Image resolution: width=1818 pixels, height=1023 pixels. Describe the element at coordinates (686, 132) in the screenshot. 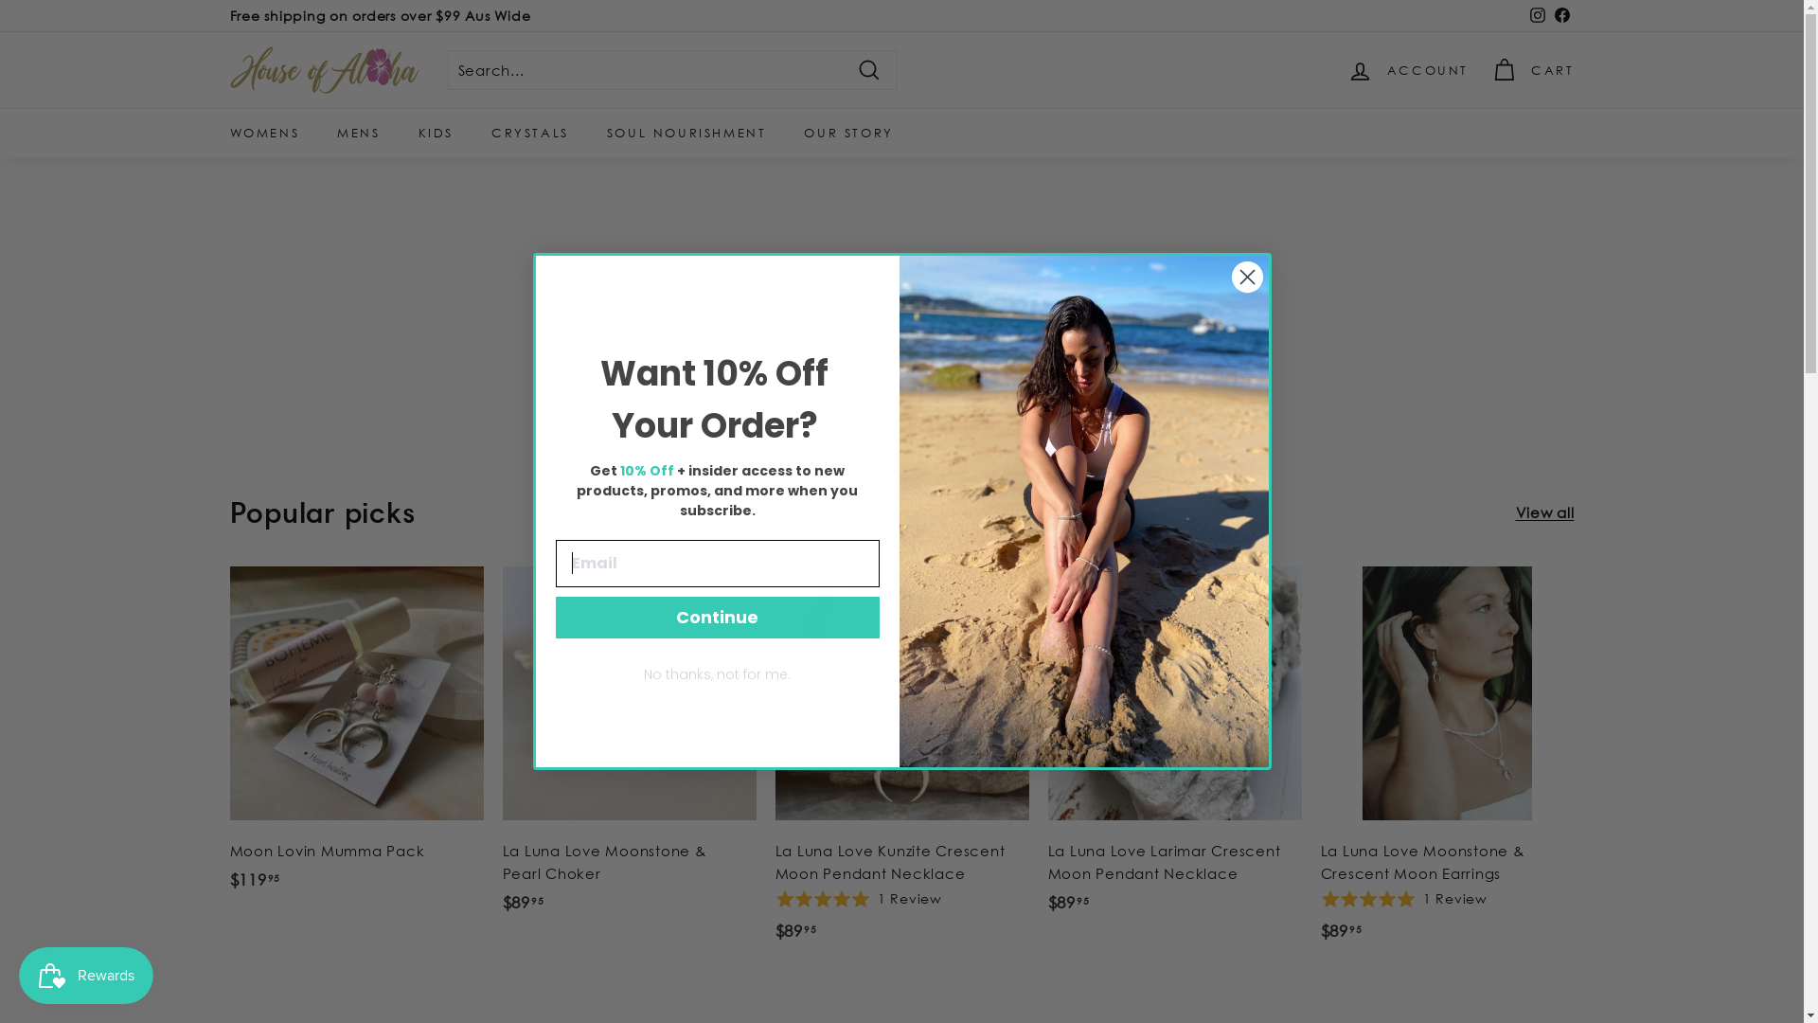

I see `'SOUL NOURISHMENT'` at that location.